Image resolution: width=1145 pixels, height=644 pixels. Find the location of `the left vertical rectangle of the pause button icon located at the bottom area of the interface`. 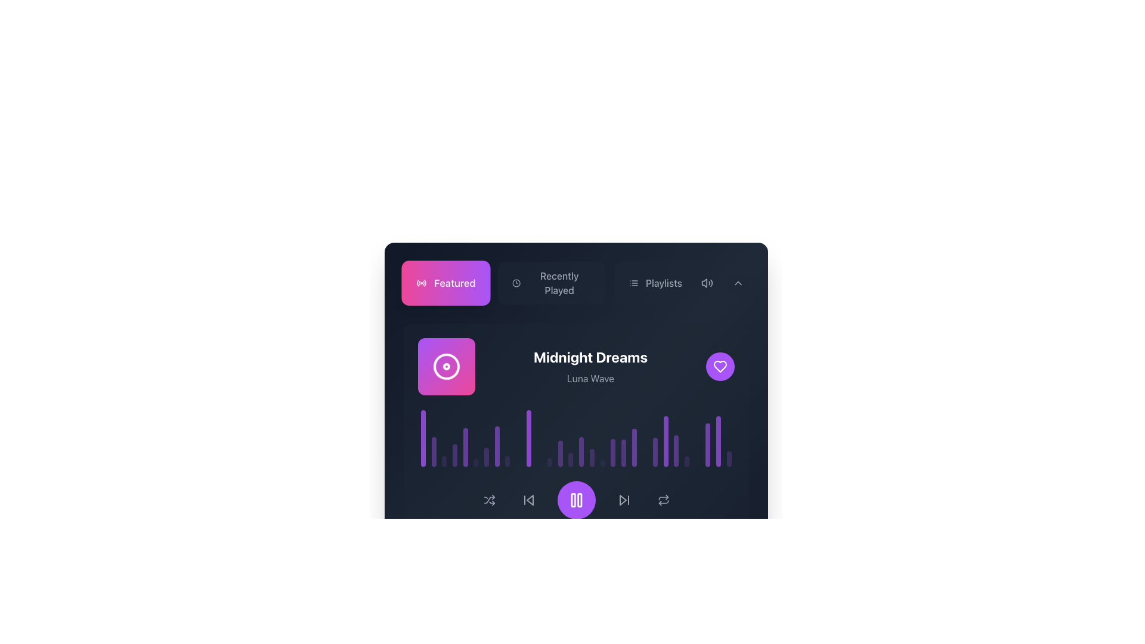

the left vertical rectangle of the pause button icon located at the bottom area of the interface is located at coordinates (573, 500).